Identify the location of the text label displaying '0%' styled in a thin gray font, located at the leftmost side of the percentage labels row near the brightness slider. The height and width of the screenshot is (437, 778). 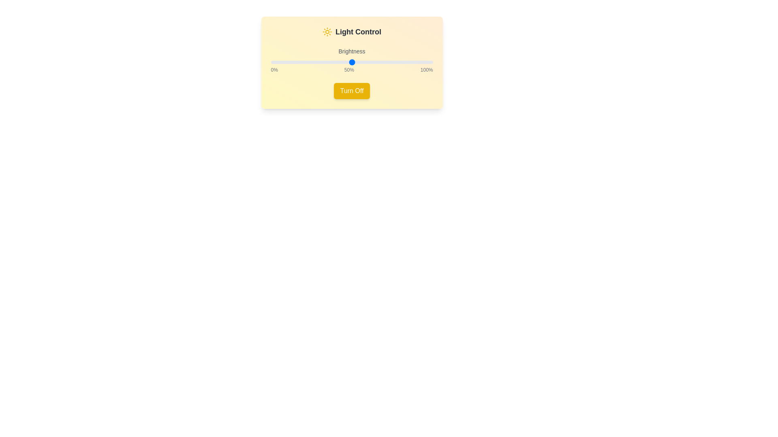
(274, 70).